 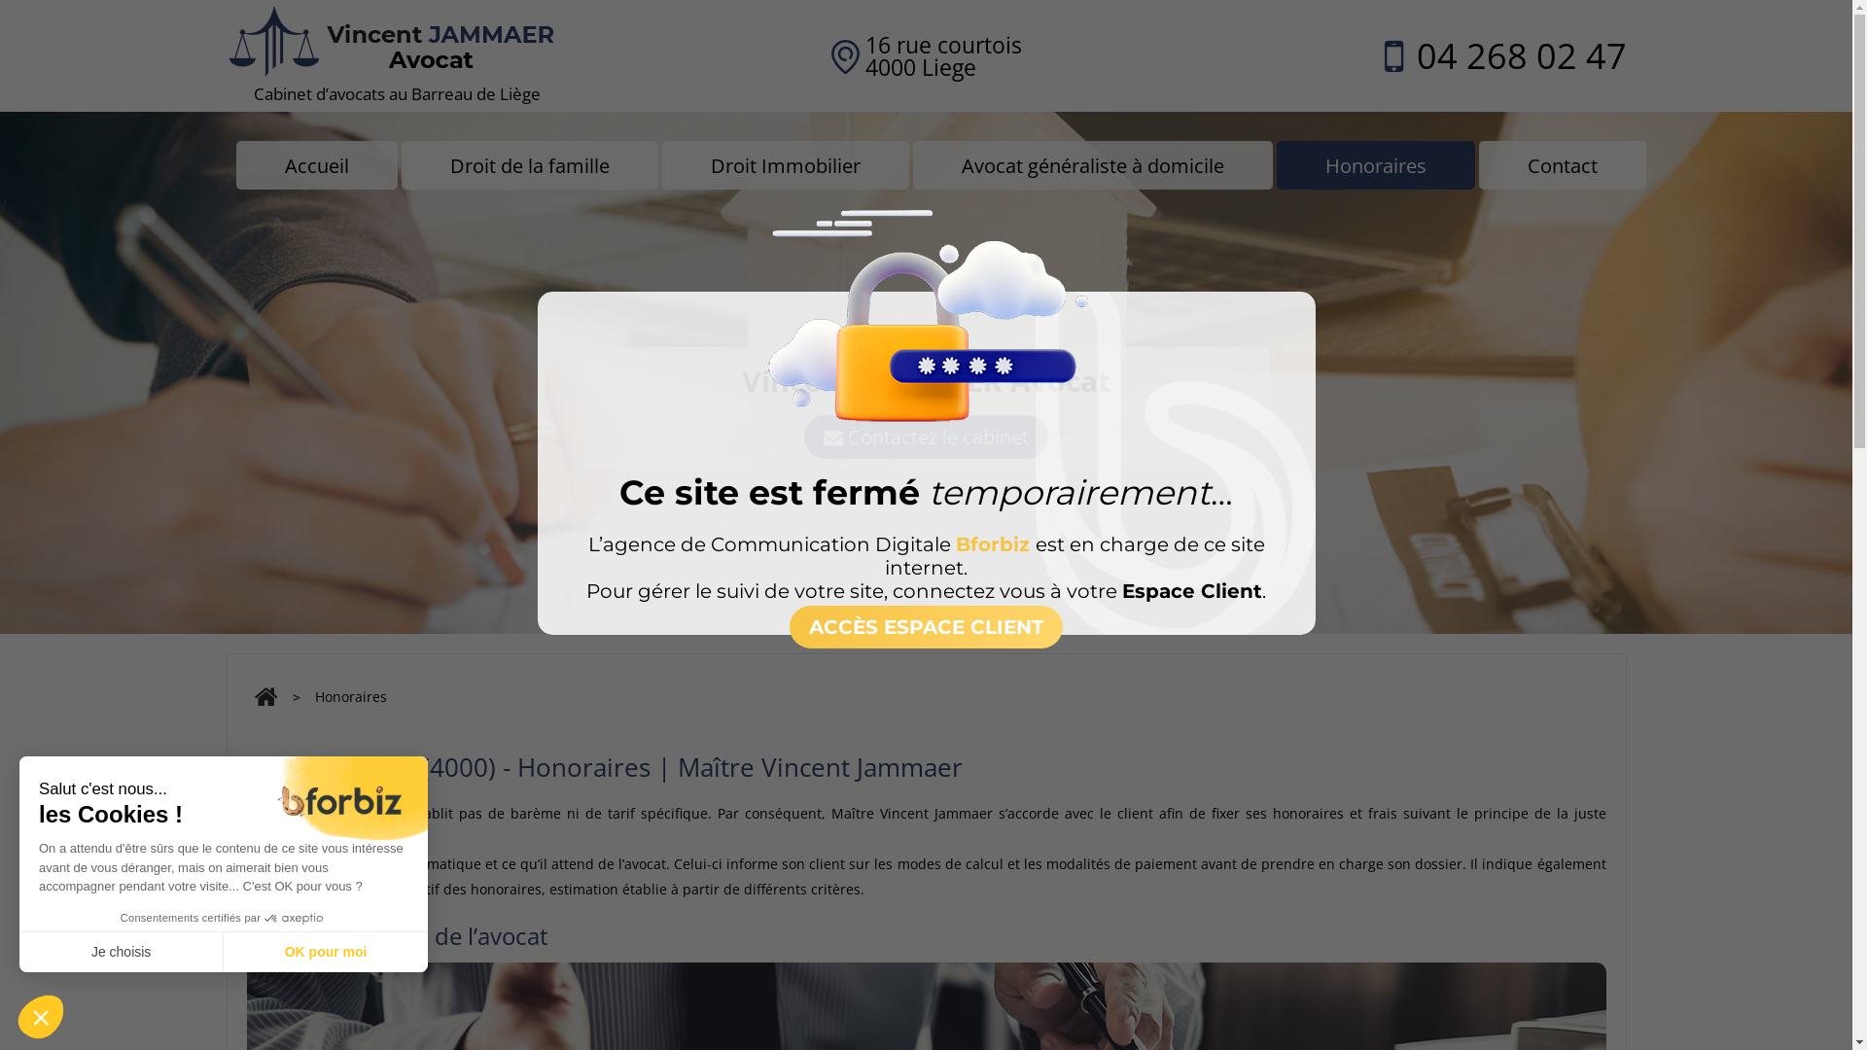 I want to click on 'Contactez le cabinet', so click(x=803, y=436).